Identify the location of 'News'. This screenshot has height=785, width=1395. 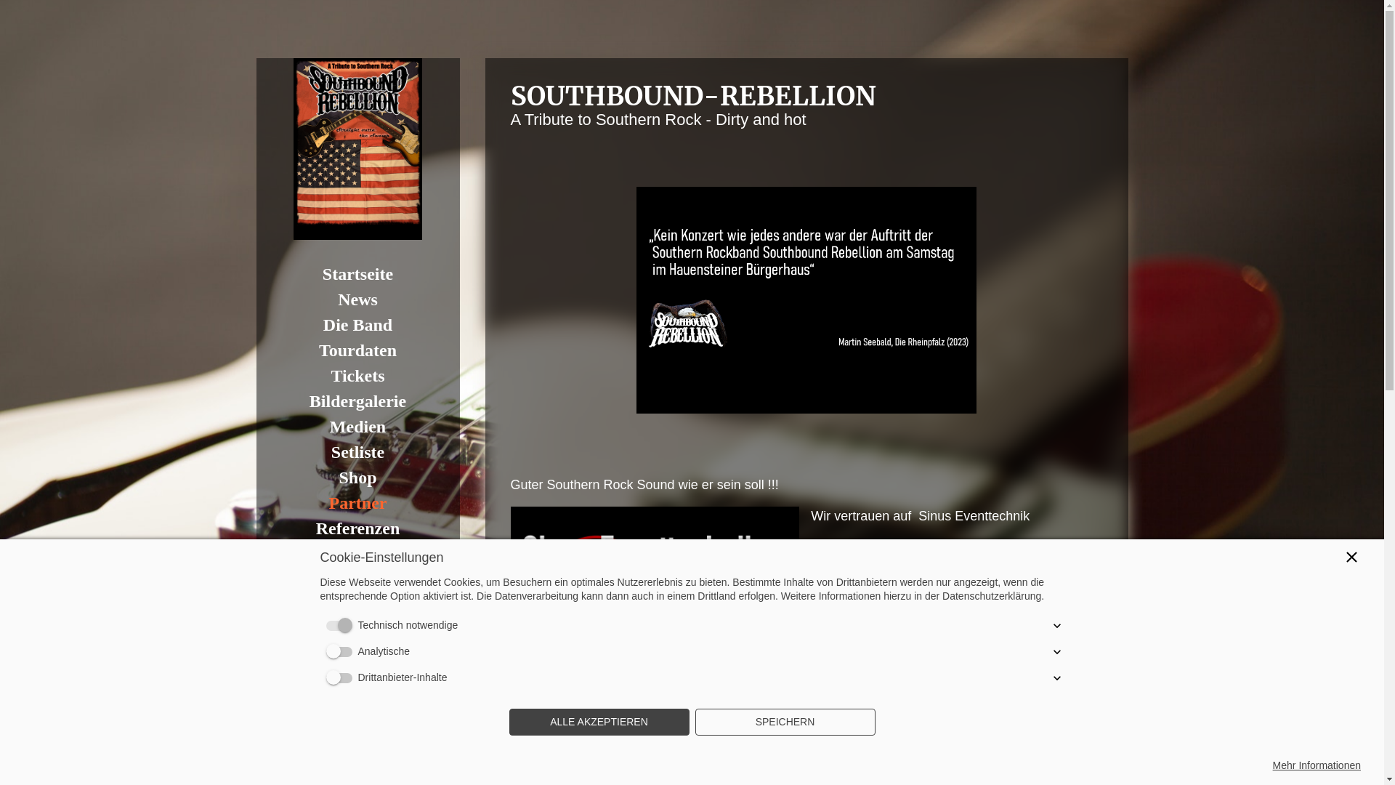
(357, 299).